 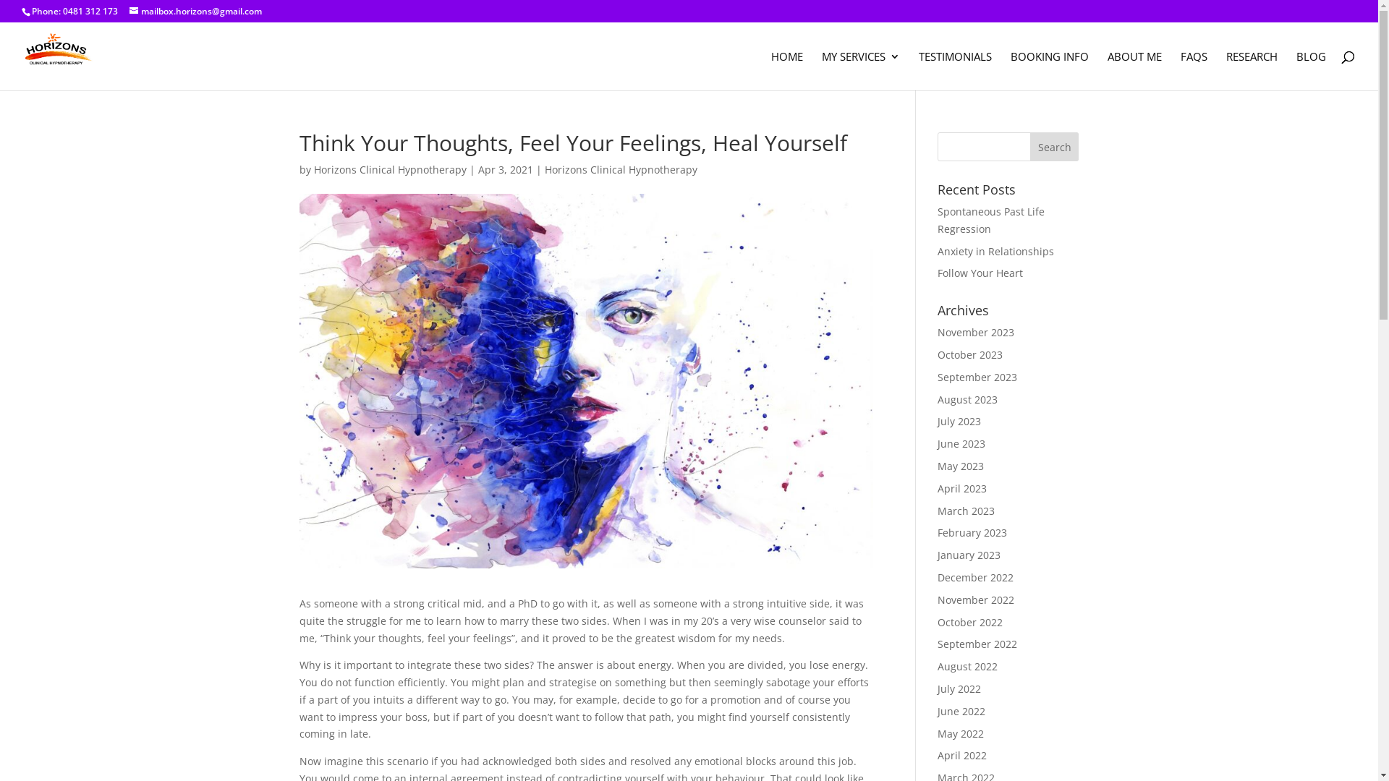 I want to click on 'Phone: 0481 312 173', so click(x=74, y=11).